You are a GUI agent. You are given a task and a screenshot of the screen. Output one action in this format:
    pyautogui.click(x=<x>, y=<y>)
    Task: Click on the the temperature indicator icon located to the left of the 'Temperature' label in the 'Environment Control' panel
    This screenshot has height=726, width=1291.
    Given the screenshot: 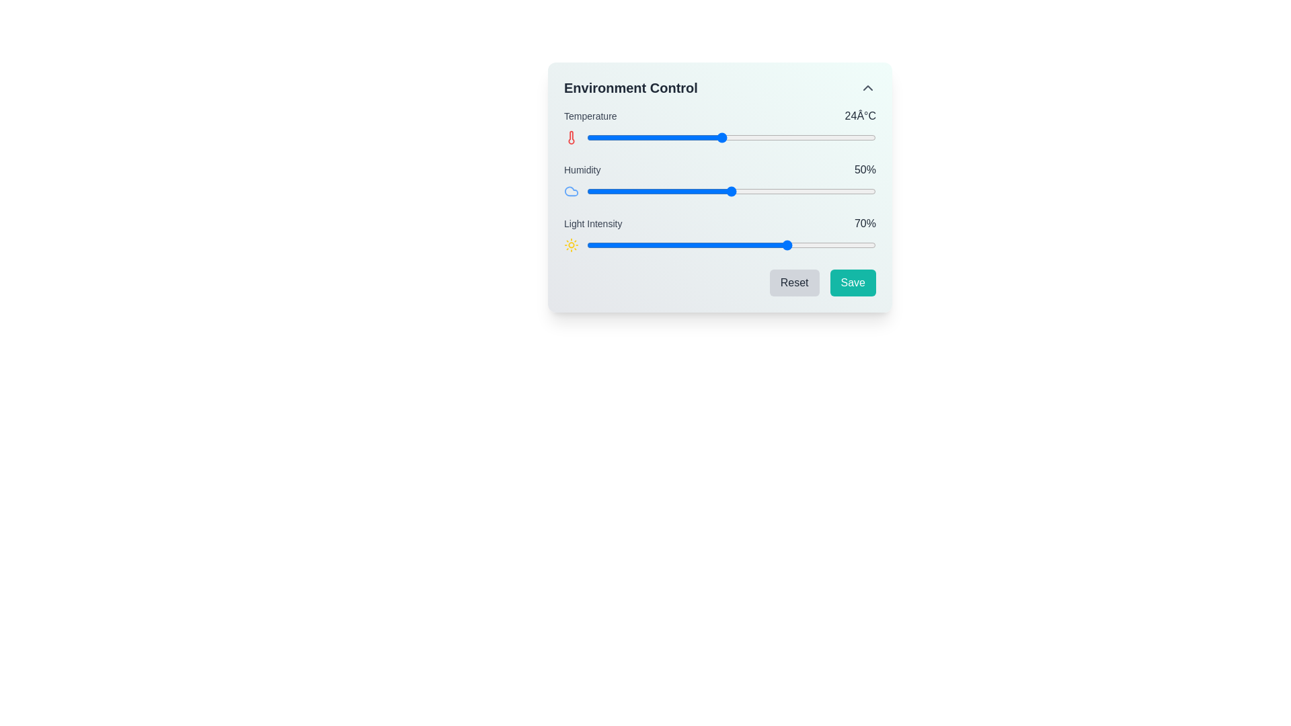 What is the action you would take?
    pyautogui.click(x=572, y=137)
    